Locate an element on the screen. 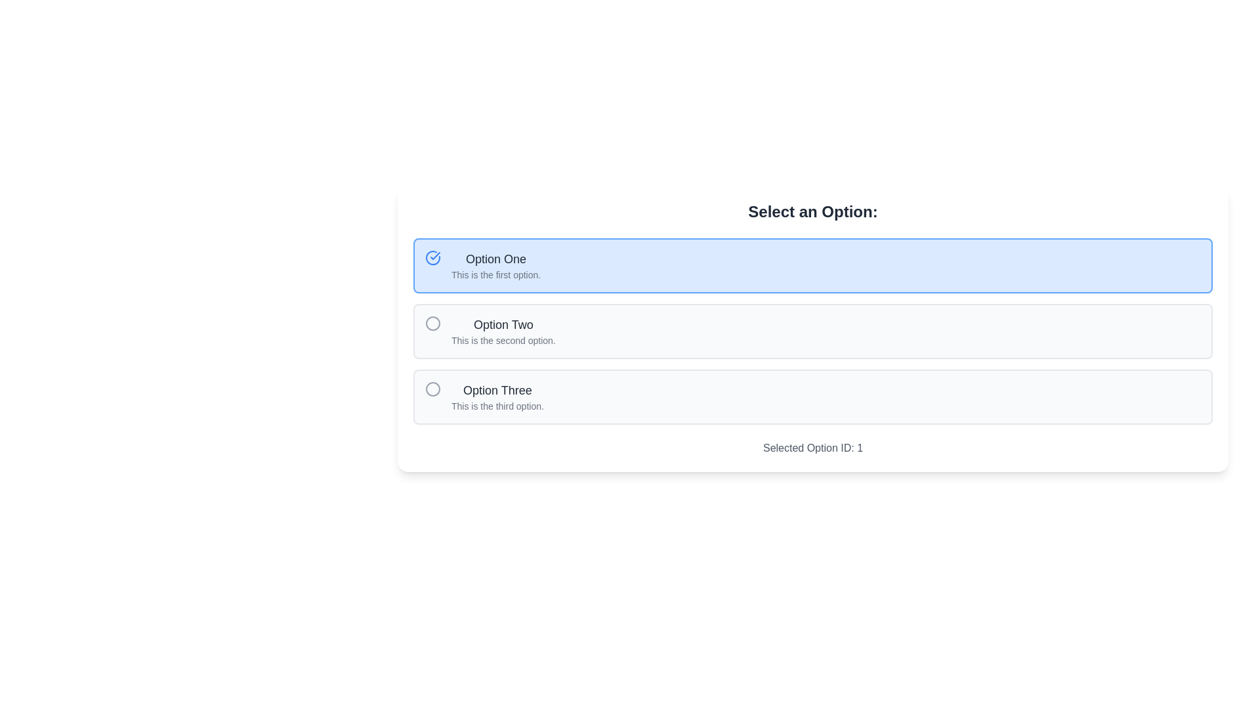 The width and height of the screenshot is (1260, 709). the text header labeled 'Select an Option:' which is positioned at the top of the selectable options interface is located at coordinates (812, 211).